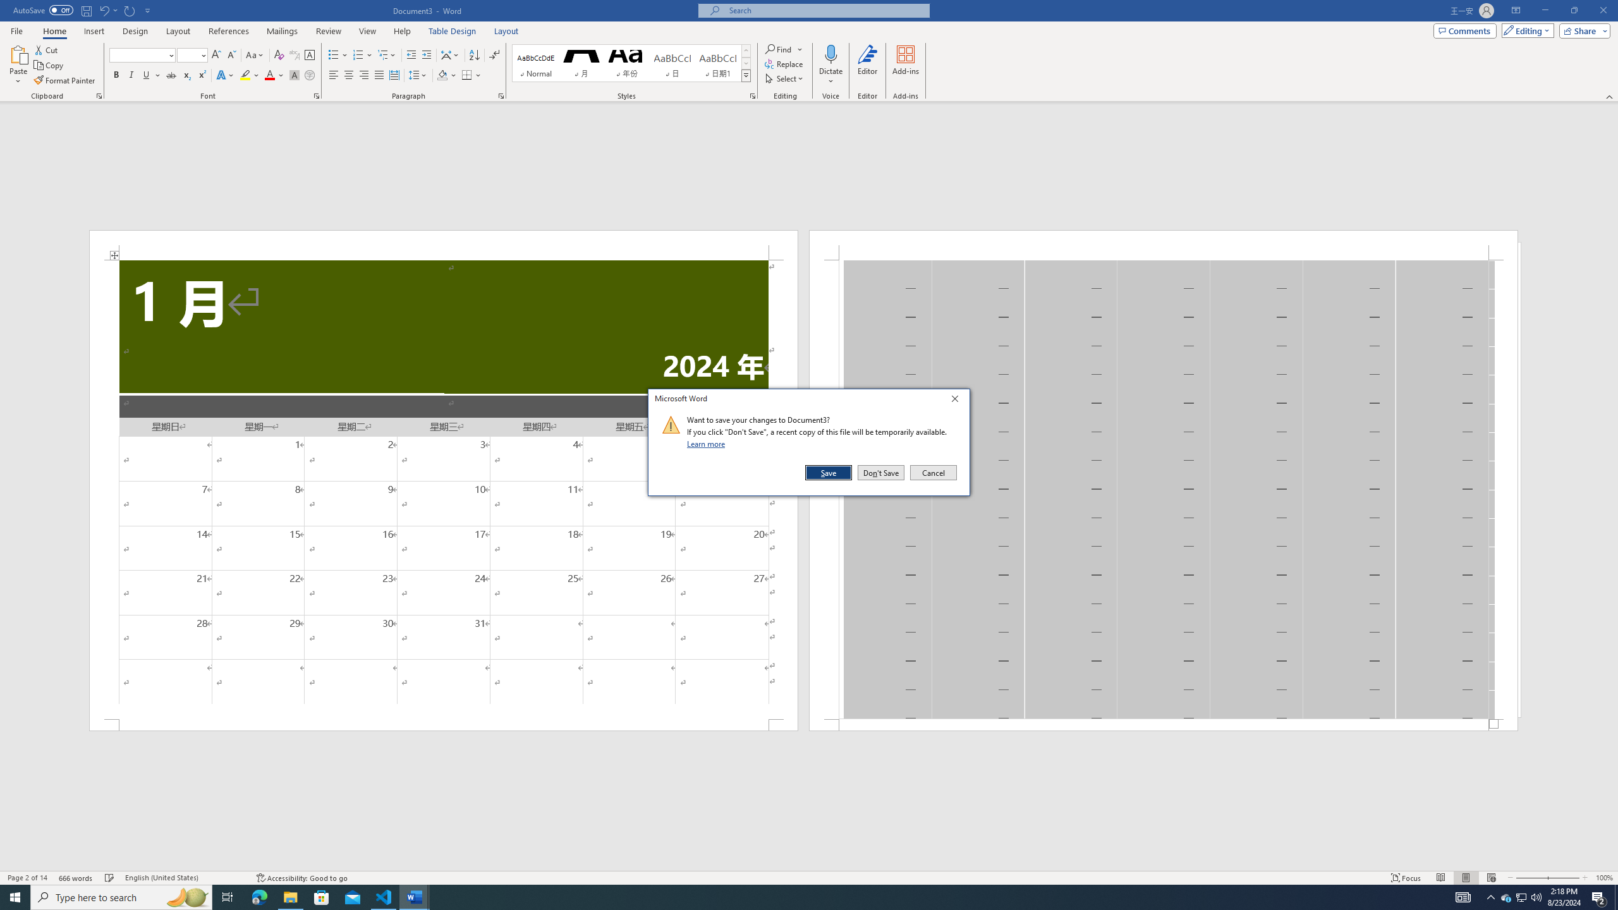  I want to click on 'Bullets', so click(333, 55).